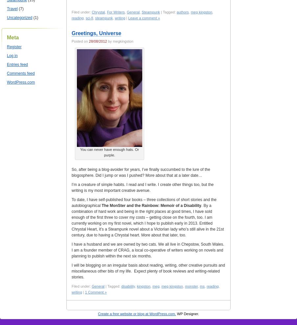  What do you see at coordinates (20, 8) in the screenshot?
I see `'(7)'` at bounding box center [20, 8].